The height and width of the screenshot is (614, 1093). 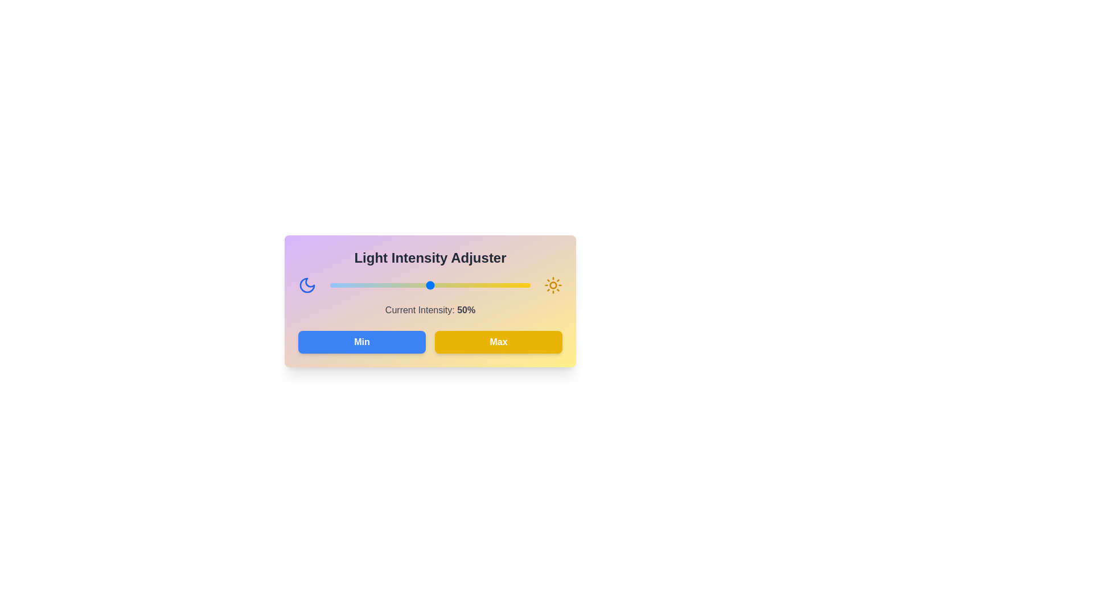 What do you see at coordinates (429, 310) in the screenshot?
I see `the text displaying the current light intensity, which is located in the center of the component` at bounding box center [429, 310].